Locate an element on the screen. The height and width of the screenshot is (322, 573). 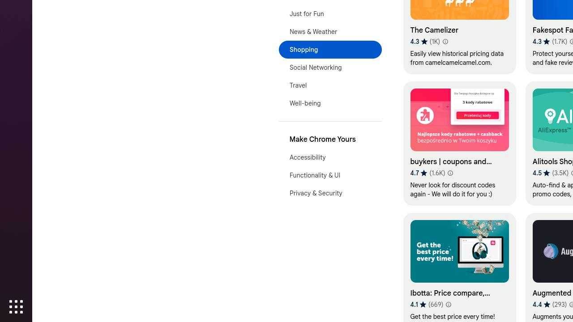
'Learn more about results and reviews "buykers | coupons and discount codes"' is located at coordinates (450, 173).